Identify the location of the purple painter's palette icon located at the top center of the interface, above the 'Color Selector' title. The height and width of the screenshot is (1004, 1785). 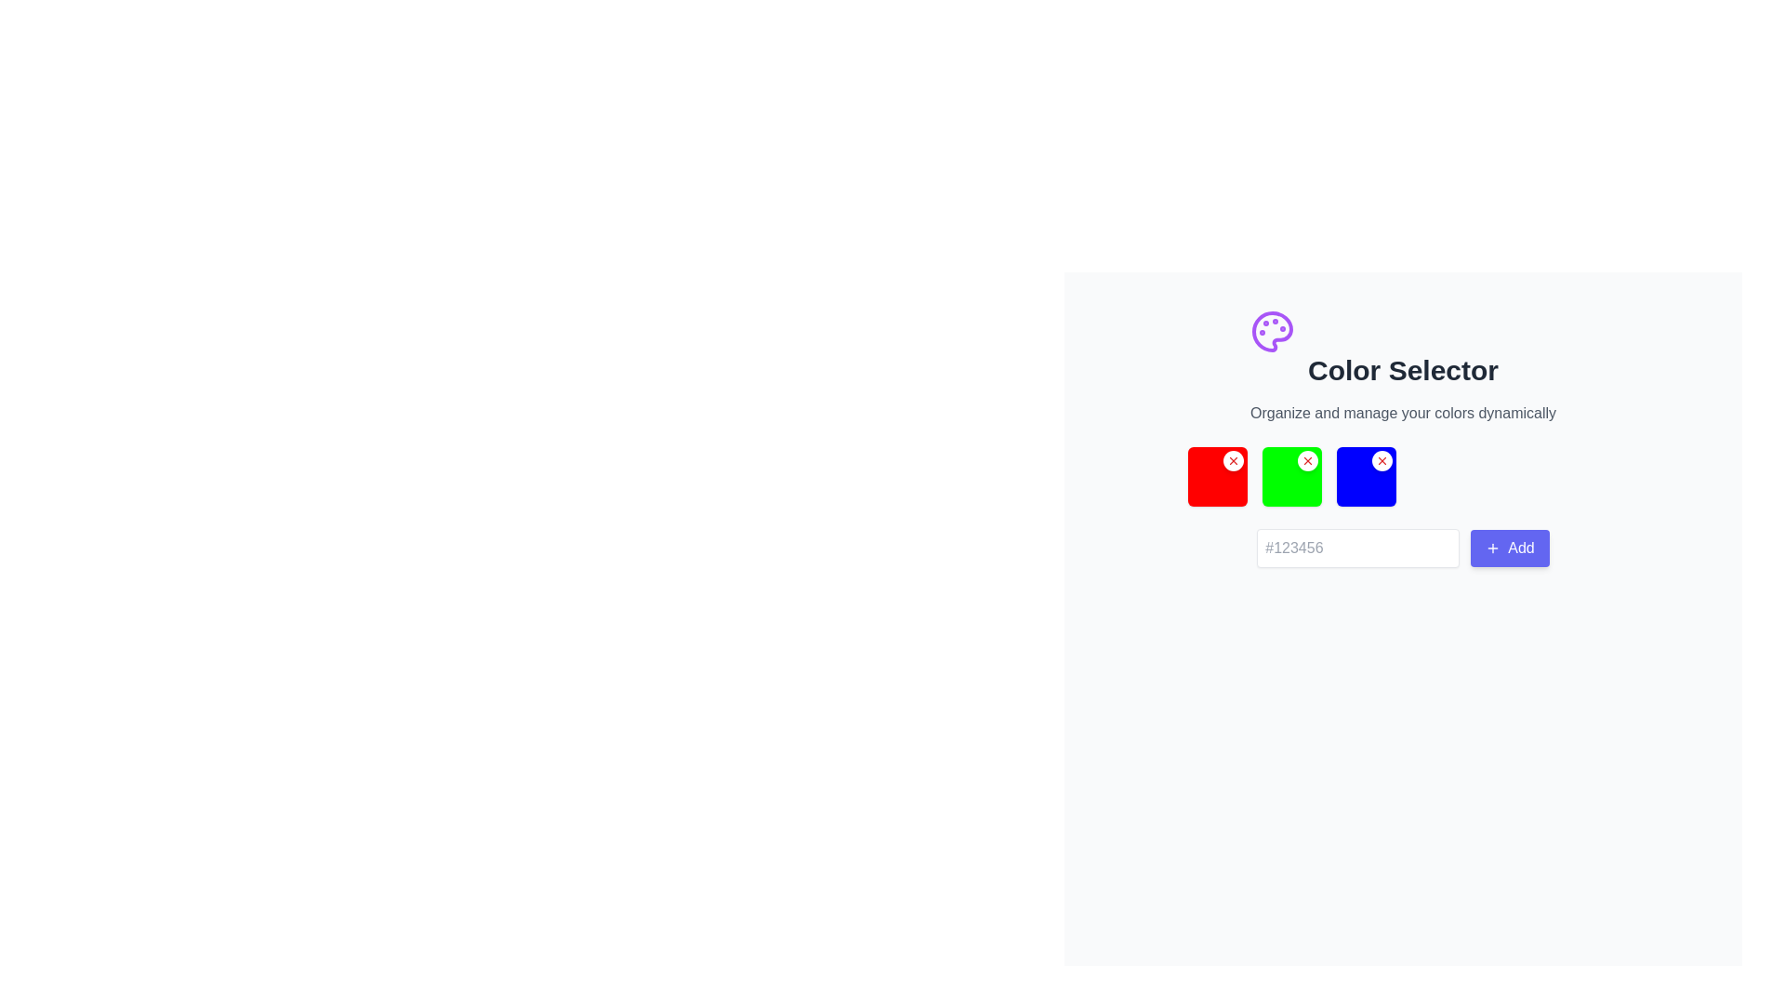
(1271, 331).